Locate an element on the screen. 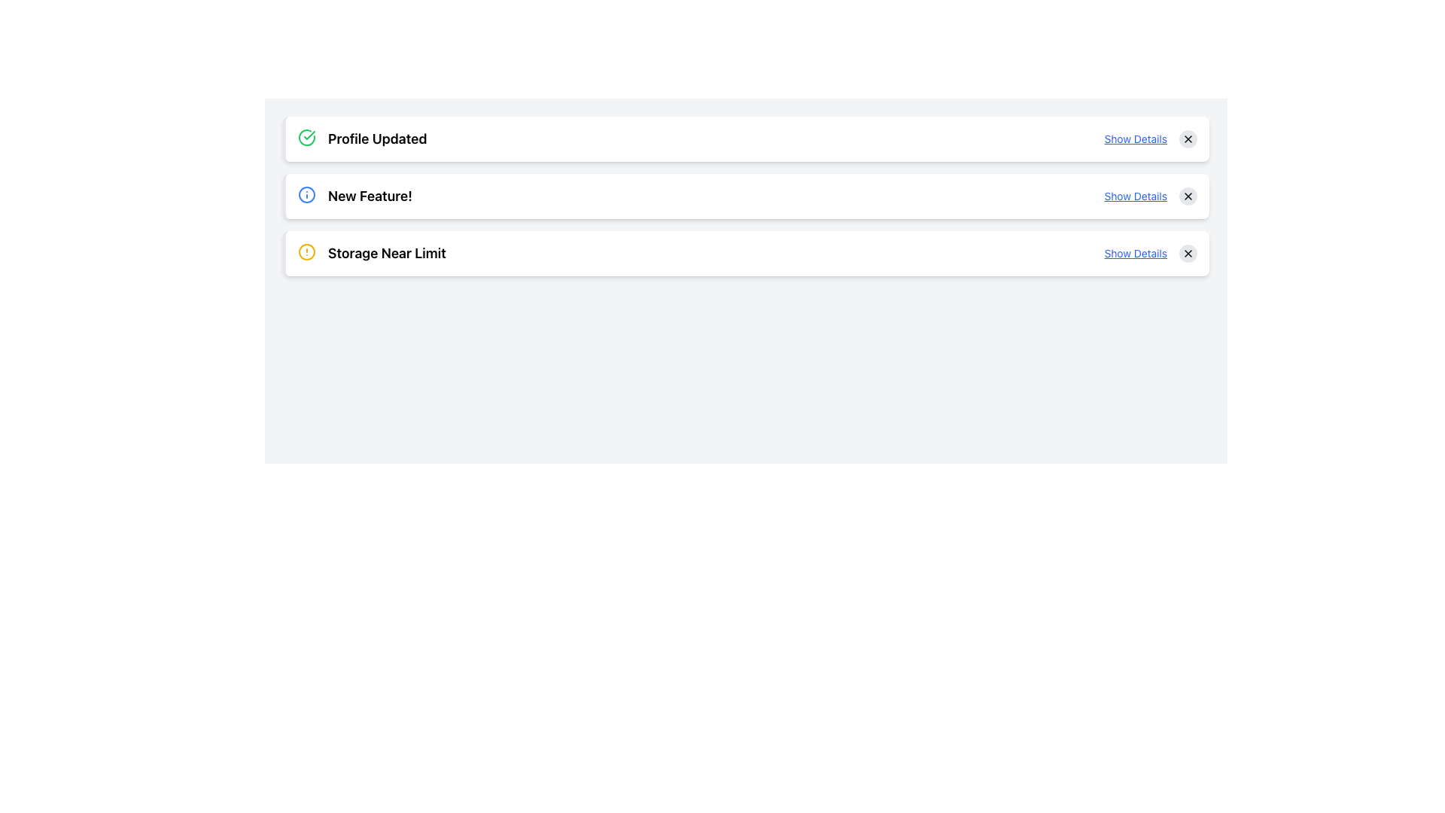  the success notification text label indicating that a profile update operation was successful, located near the top of the interface to the right of a green check-circle icon is located at coordinates (377, 139).